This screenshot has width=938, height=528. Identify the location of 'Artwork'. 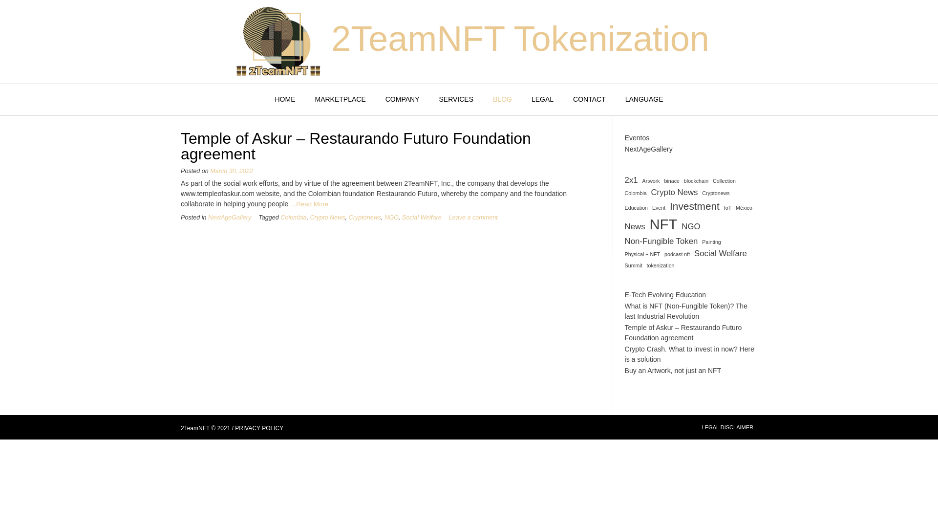
(642, 181).